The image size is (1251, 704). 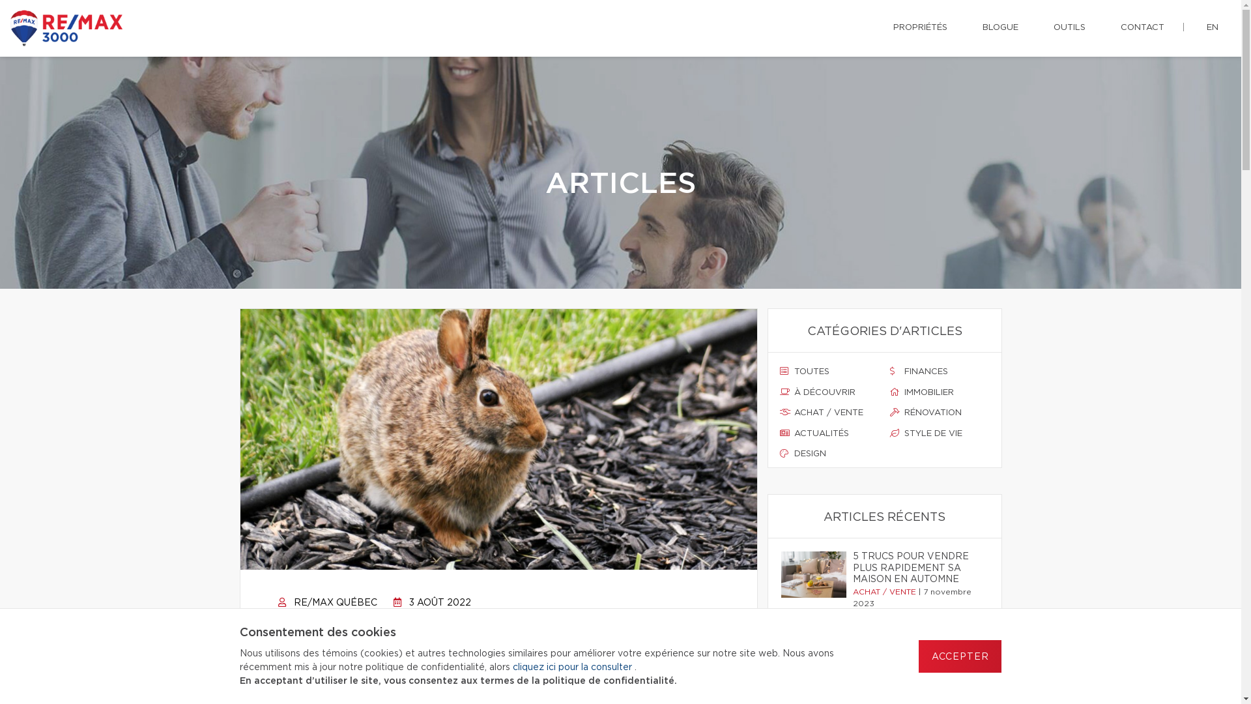 I want to click on 'IMMOBILIER', so click(x=889, y=392).